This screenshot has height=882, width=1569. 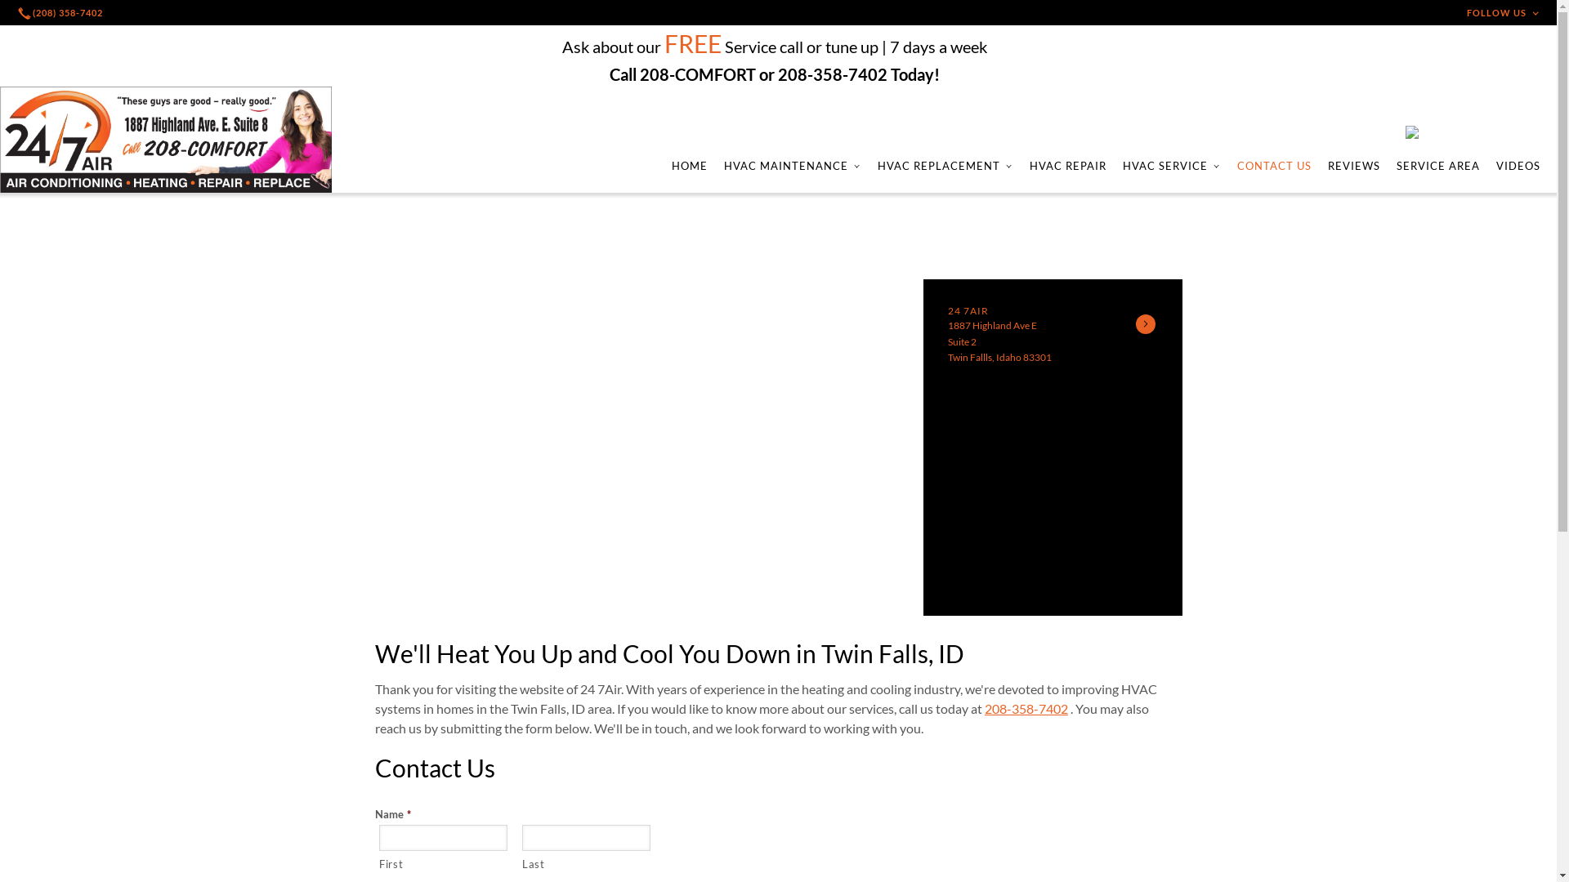 What do you see at coordinates (690, 166) in the screenshot?
I see `'HOME'` at bounding box center [690, 166].